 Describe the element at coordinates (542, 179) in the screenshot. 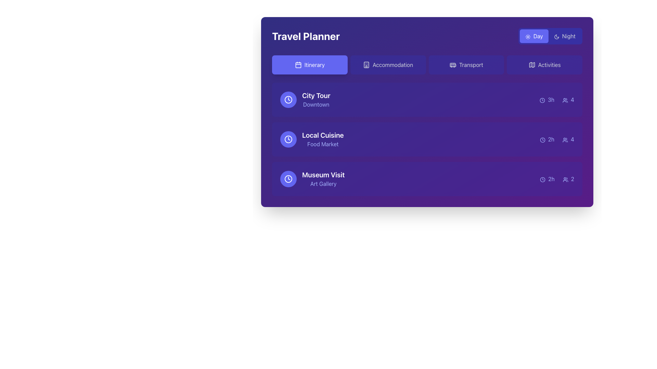

I see `the Graphical SVG Element that symbolizes time-related information located in the bottom right corner of the 'Museum Visit' section in the 'Travel Planner' interface` at that location.